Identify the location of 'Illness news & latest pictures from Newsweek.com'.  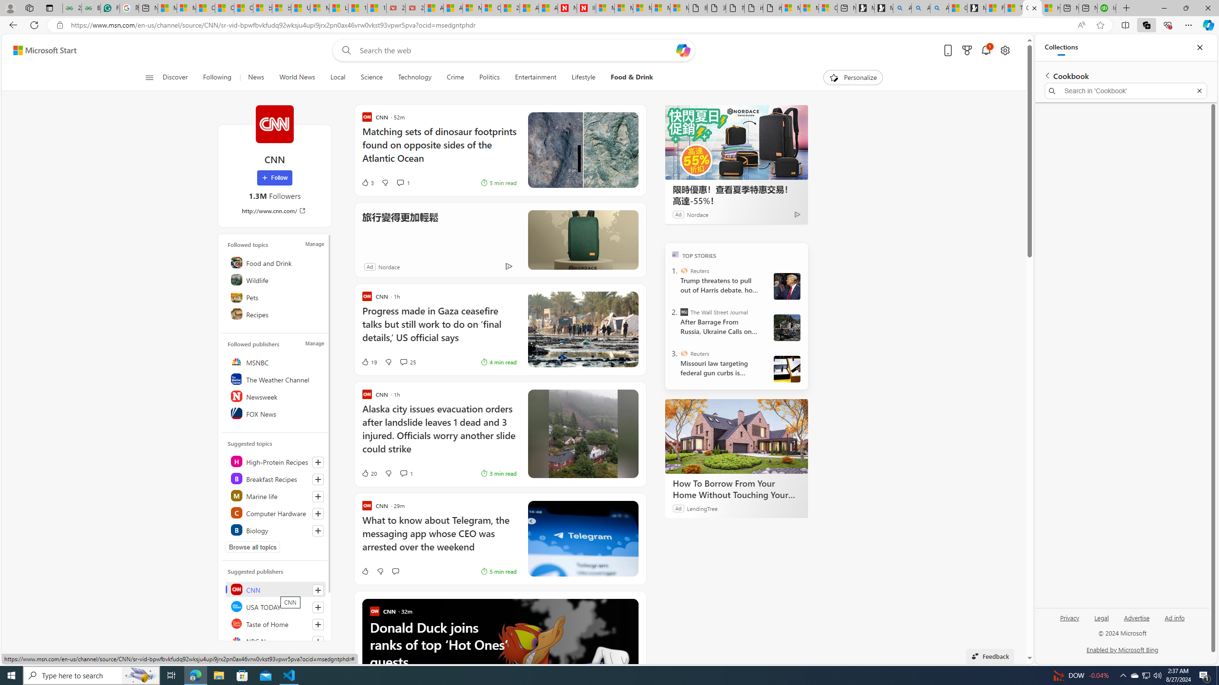
(586, 8).